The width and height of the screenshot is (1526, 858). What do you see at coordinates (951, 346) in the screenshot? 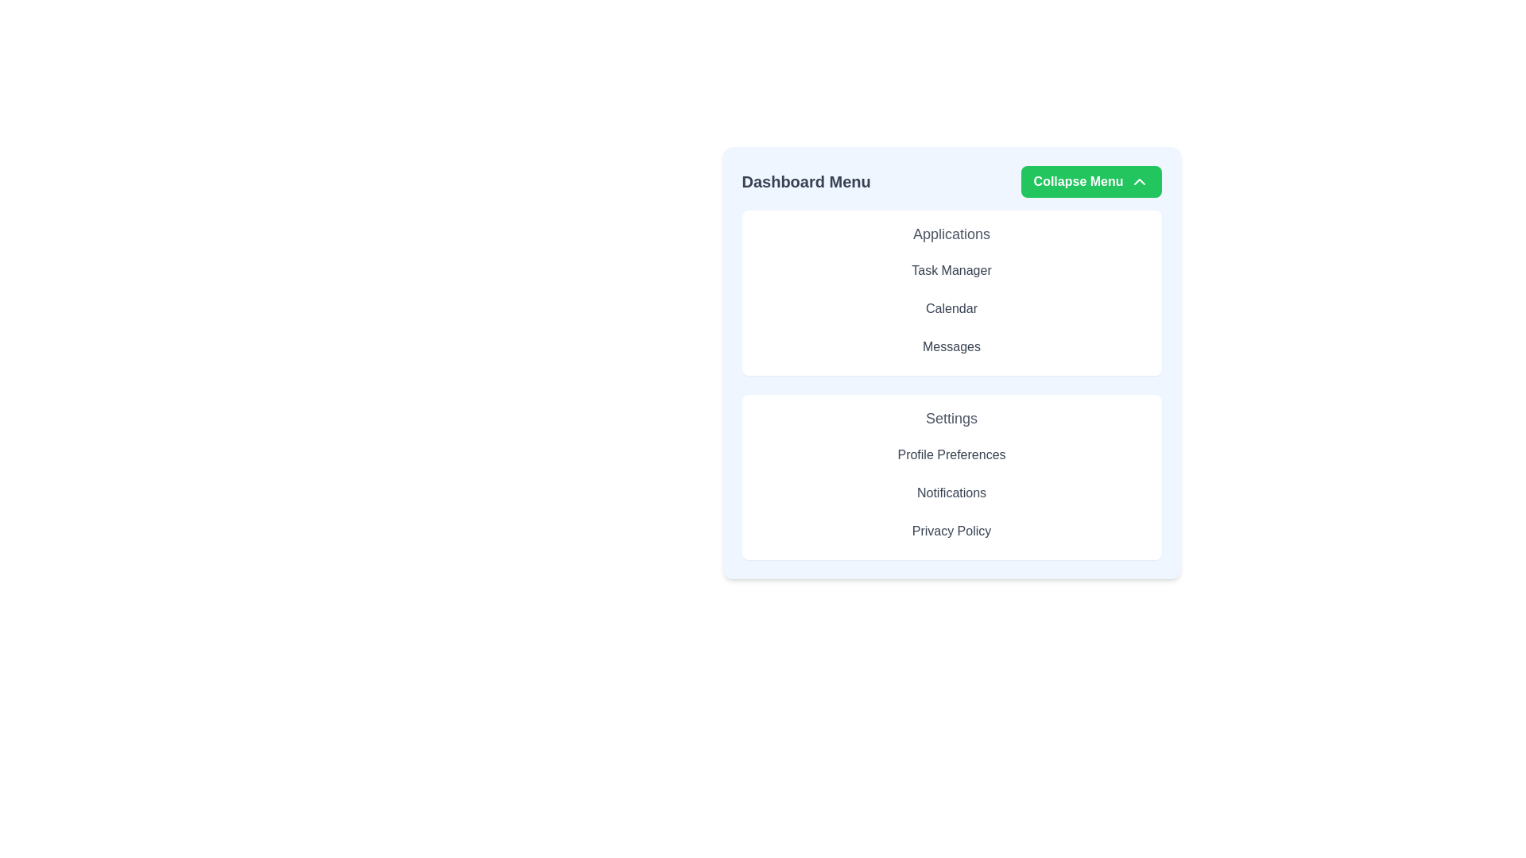
I see `the 'Messages' text label, which is styled with a modern web aesthetic and located within a white card interface` at bounding box center [951, 346].